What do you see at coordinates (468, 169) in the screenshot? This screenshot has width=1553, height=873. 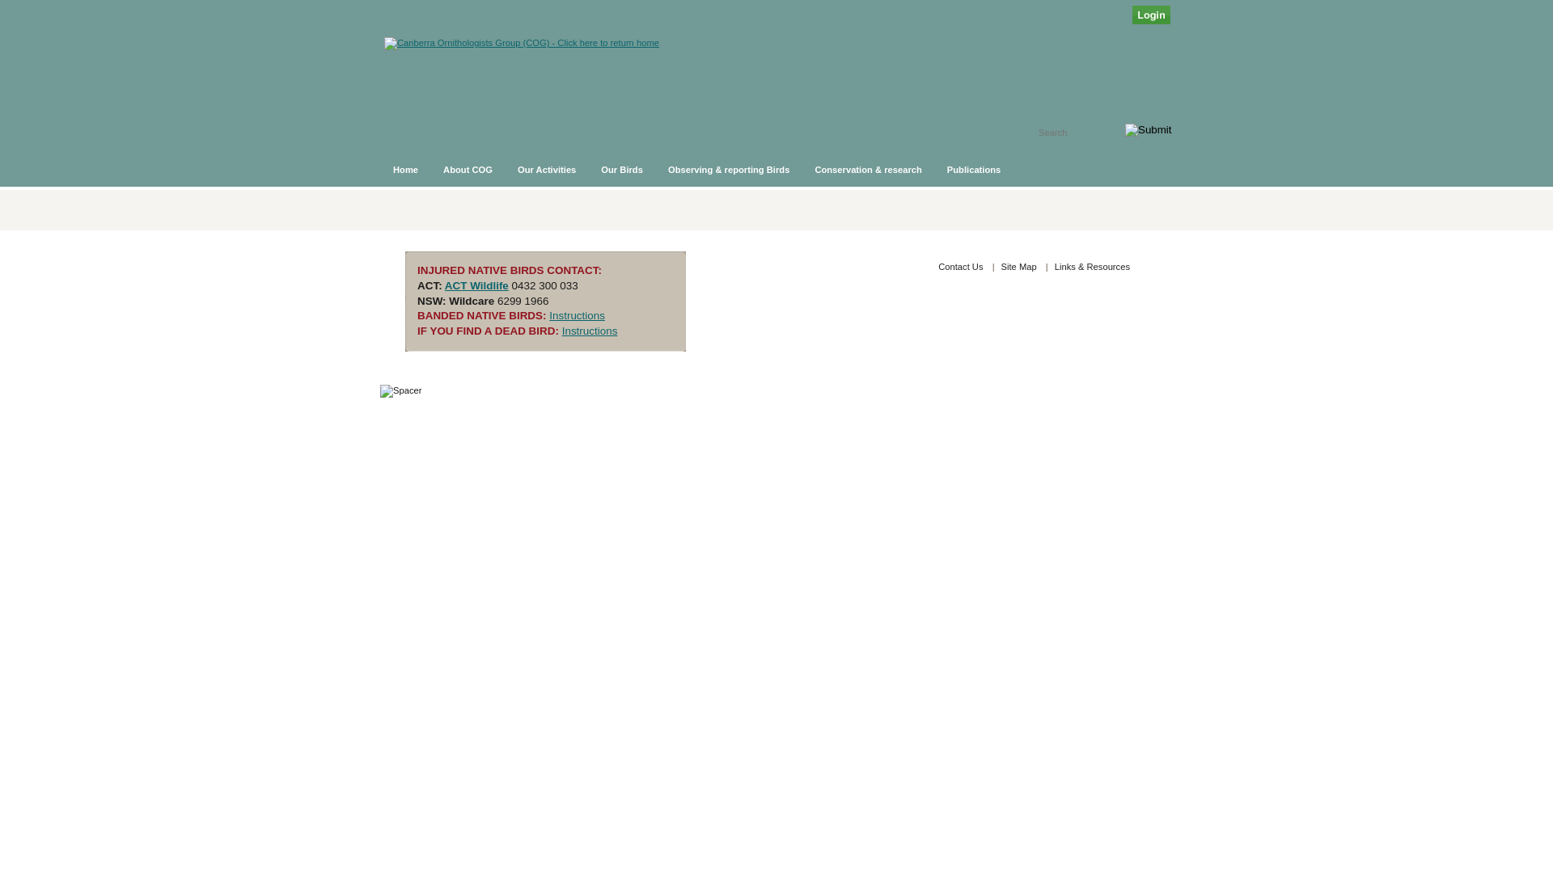 I see `'About COG'` at bounding box center [468, 169].